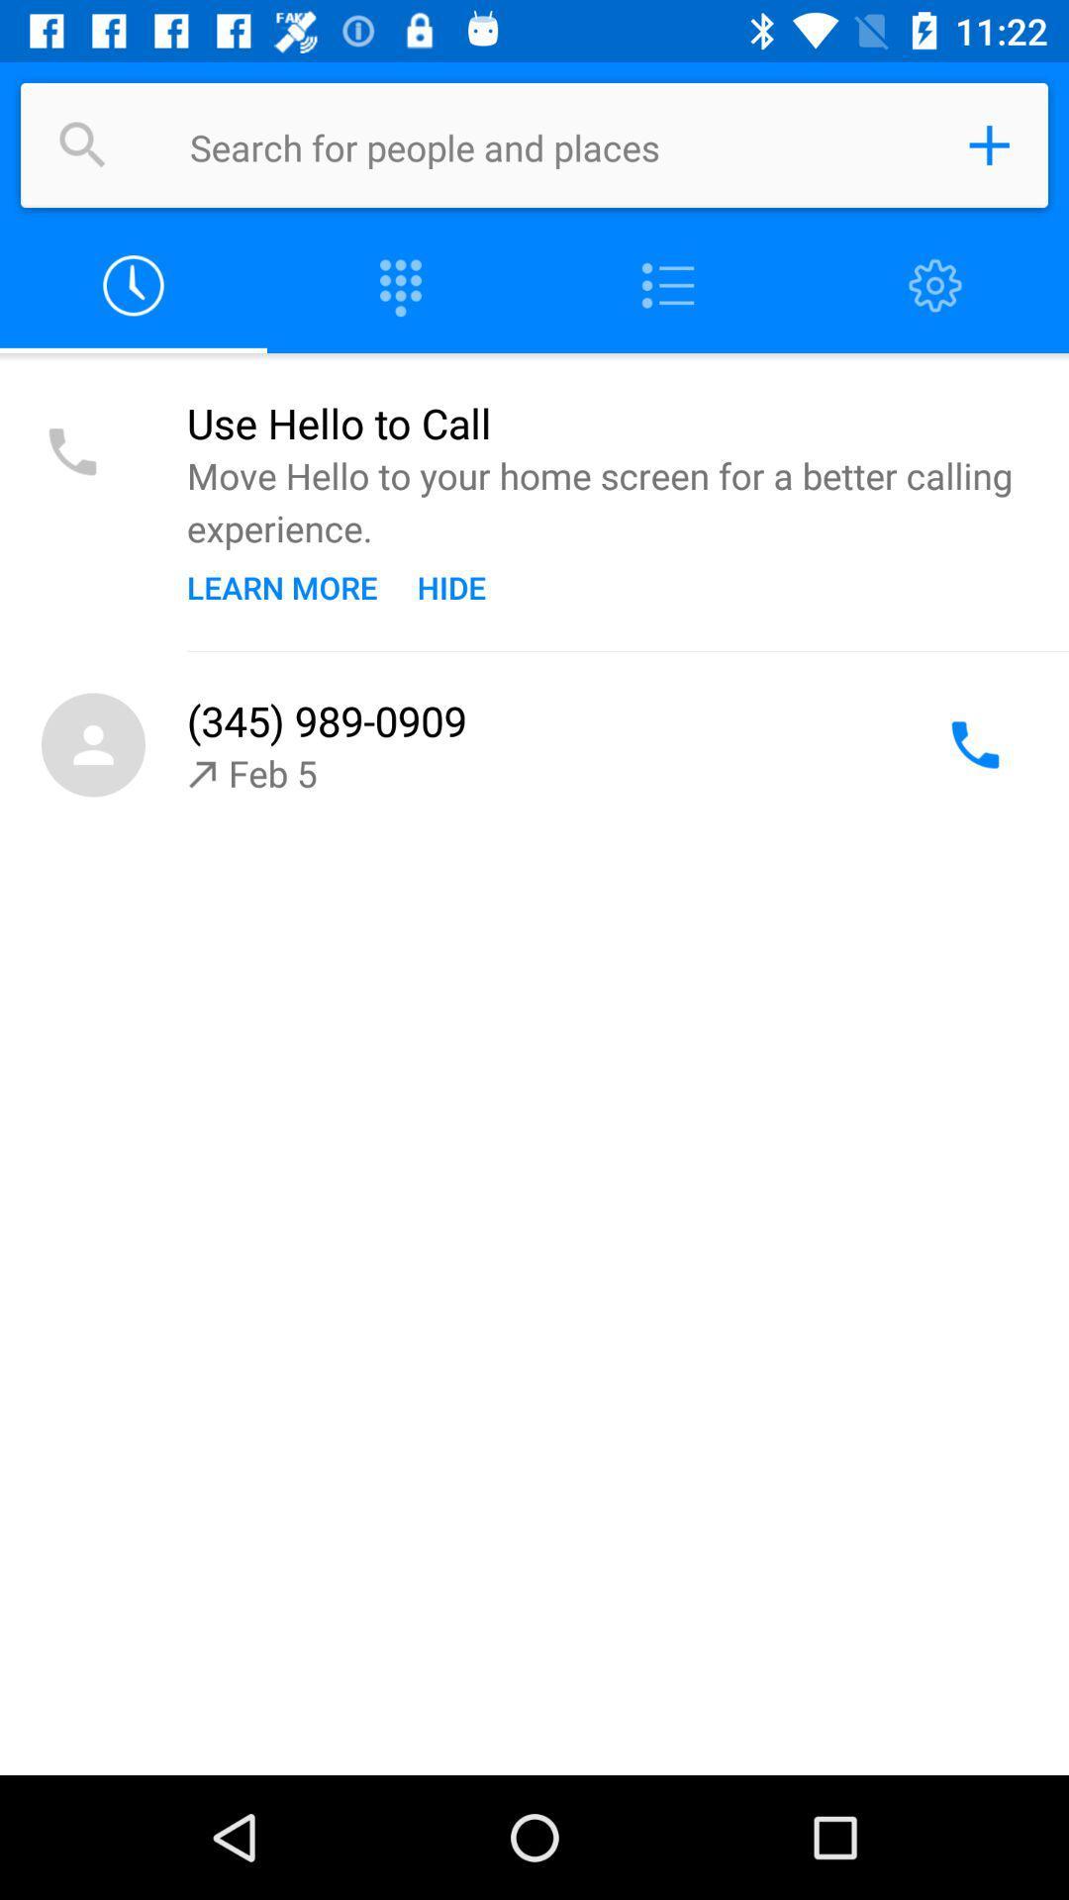  I want to click on search option, so click(82, 144).